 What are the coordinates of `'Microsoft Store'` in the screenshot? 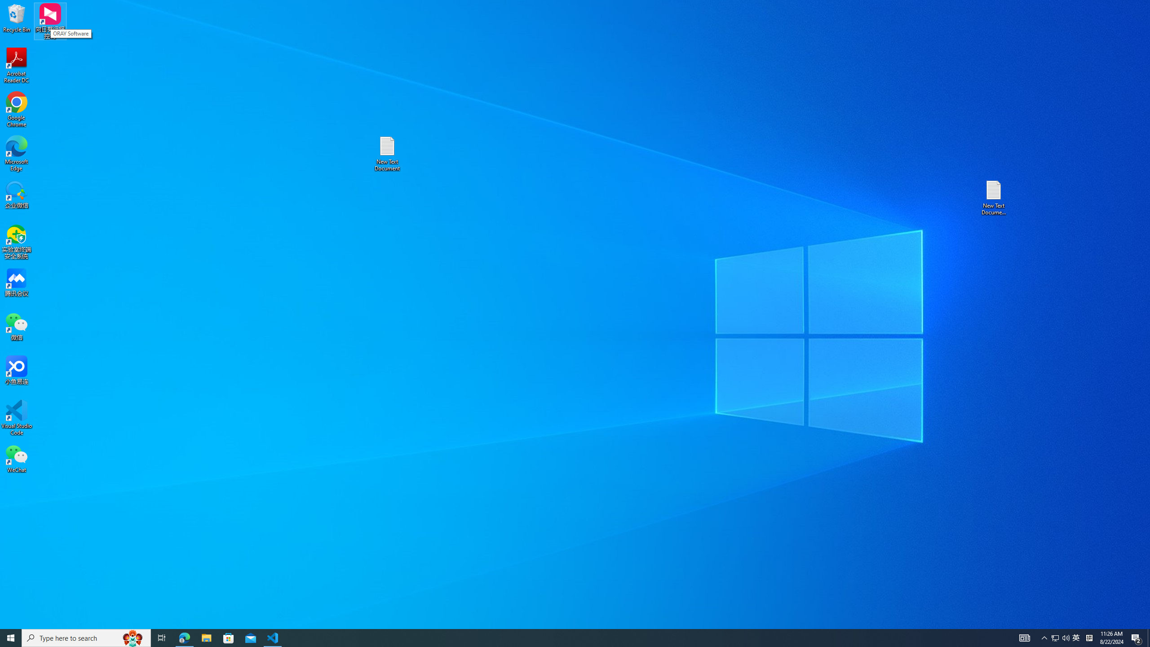 It's located at (206, 637).